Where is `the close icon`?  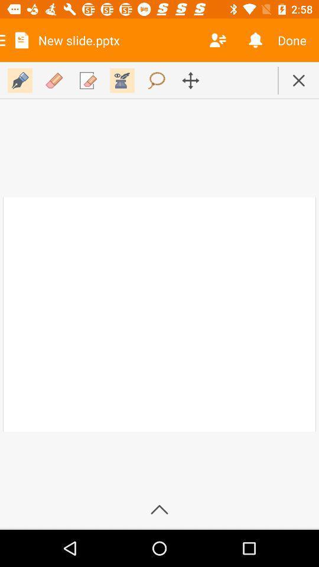
the close icon is located at coordinates (298, 80).